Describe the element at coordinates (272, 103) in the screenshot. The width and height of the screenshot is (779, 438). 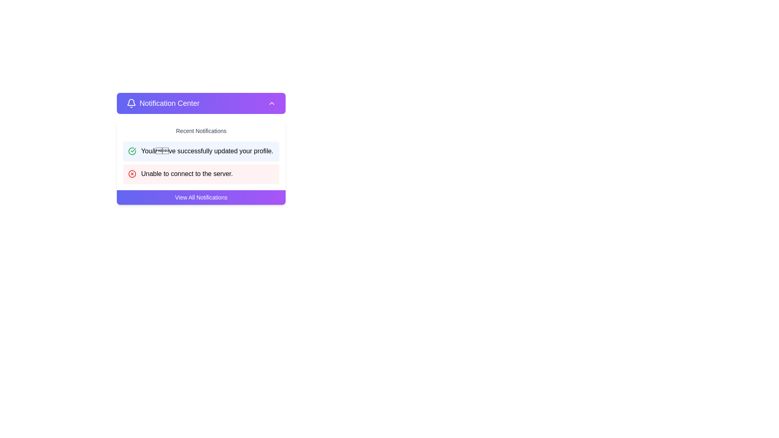
I see `the upward-pointing chevron arrow icon on the purple header bar titled 'Notification Center' to minimize the header` at that location.